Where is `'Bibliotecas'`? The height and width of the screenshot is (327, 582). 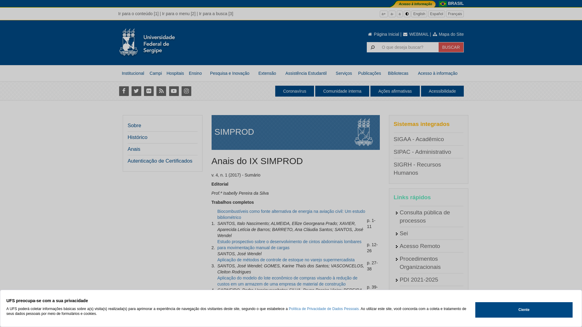 'Bibliotecas' is located at coordinates (398, 73).